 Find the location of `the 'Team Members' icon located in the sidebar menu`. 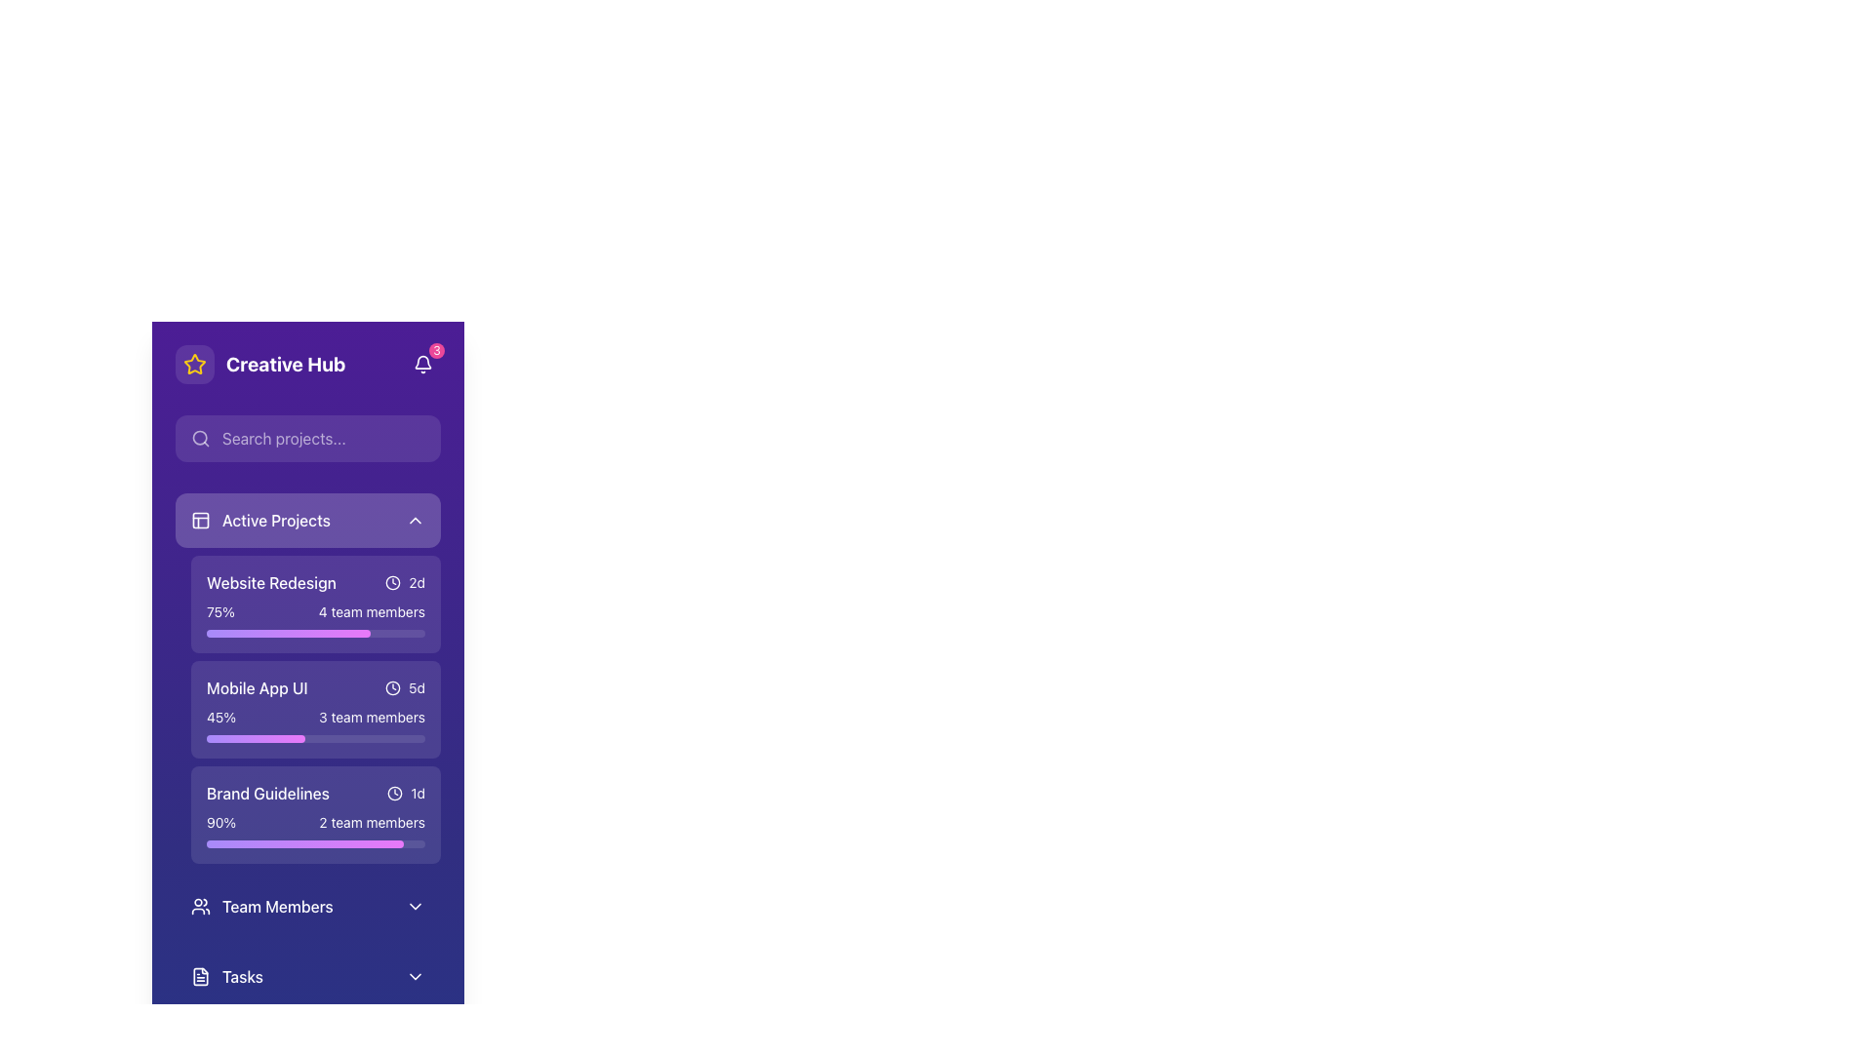

the 'Team Members' icon located in the sidebar menu is located at coordinates (201, 906).